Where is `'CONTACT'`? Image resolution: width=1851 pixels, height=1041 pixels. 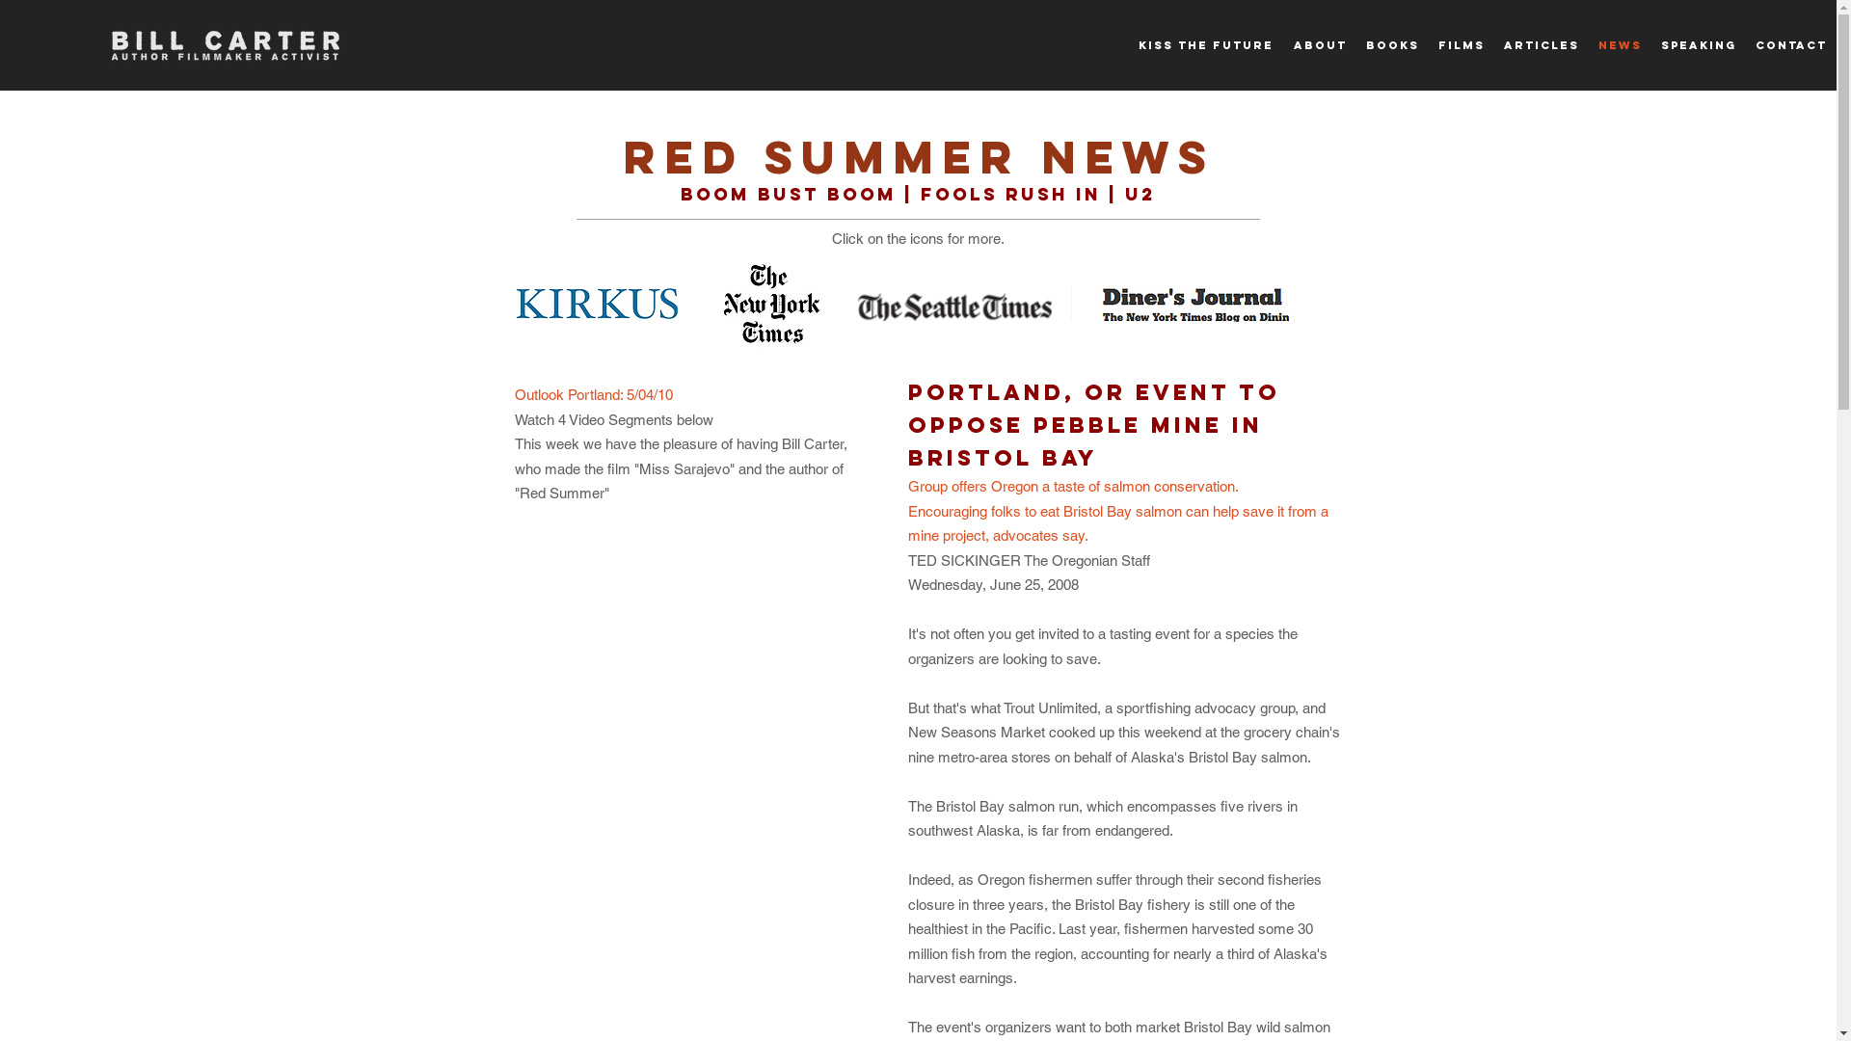 'CONTACT' is located at coordinates (1789, 43).